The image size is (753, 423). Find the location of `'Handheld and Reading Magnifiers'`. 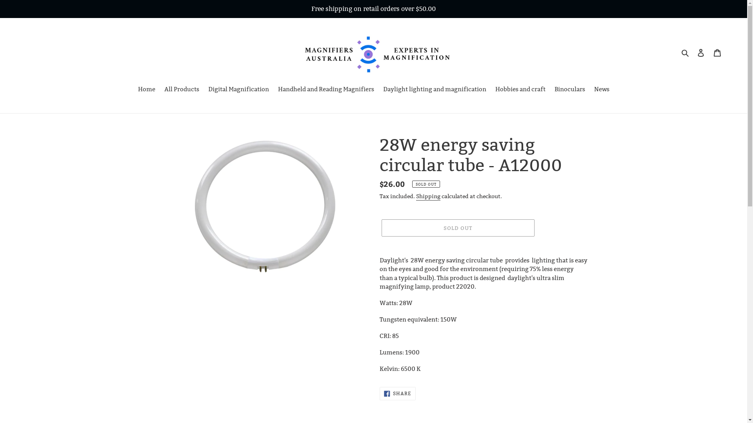

'Handheld and Reading Magnifiers' is located at coordinates (326, 90).